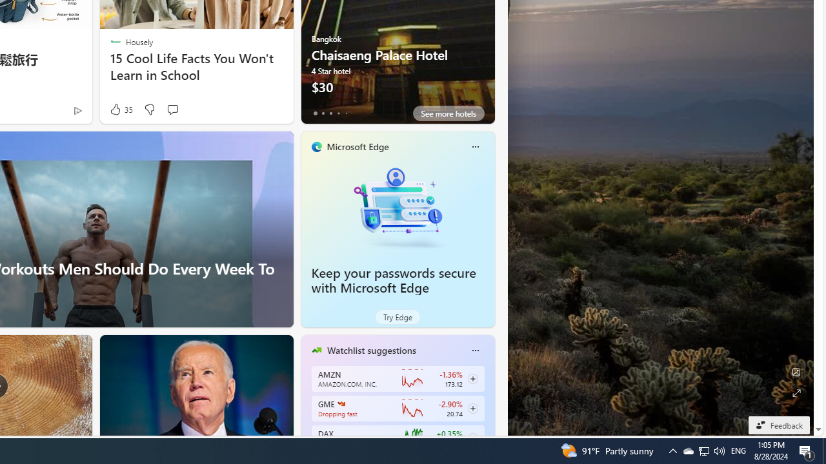  What do you see at coordinates (323, 113) in the screenshot?
I see `'tab-1'` at bounding box center [323, 113].